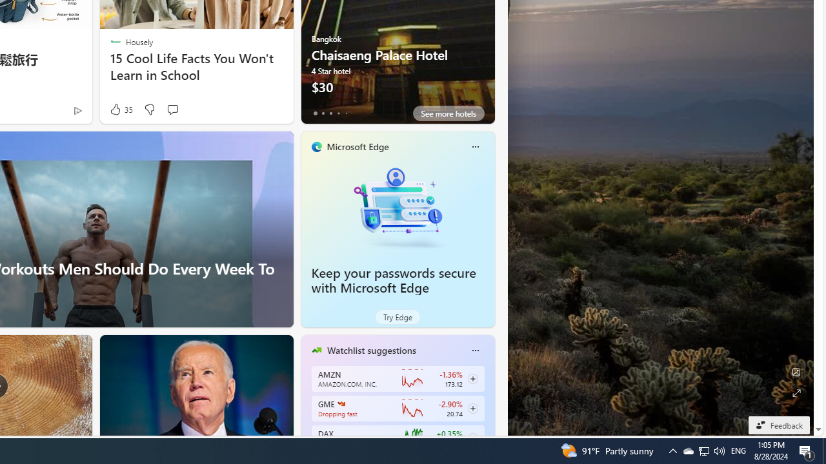  What do you see at coordinates (323, 113) in the screenshot?
I see `'tab-1'` at bounding box center [323, 113].